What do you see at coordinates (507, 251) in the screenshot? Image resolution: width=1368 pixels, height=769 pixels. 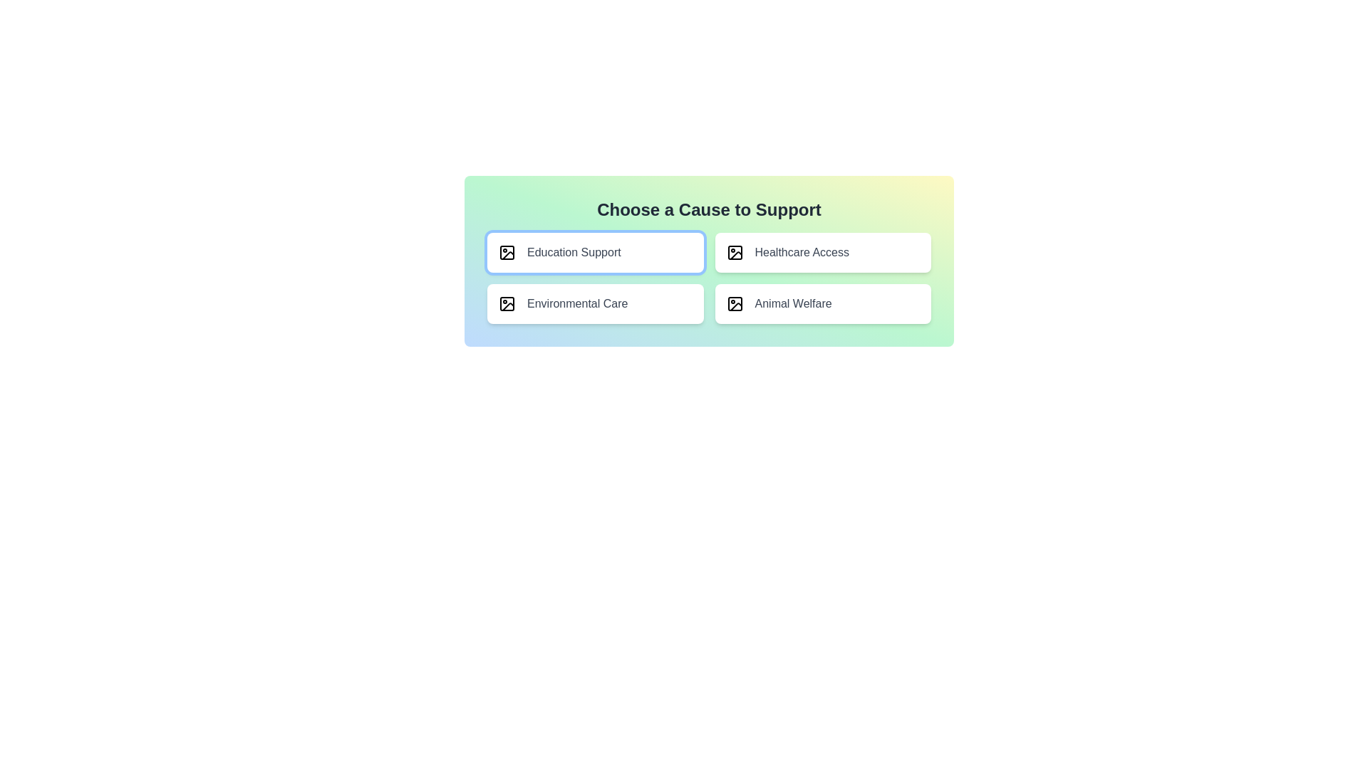 I see `the Decorative graphic element representing 'Education Support' located in the top-left corner of the tile` at bounding box center [507, 251].